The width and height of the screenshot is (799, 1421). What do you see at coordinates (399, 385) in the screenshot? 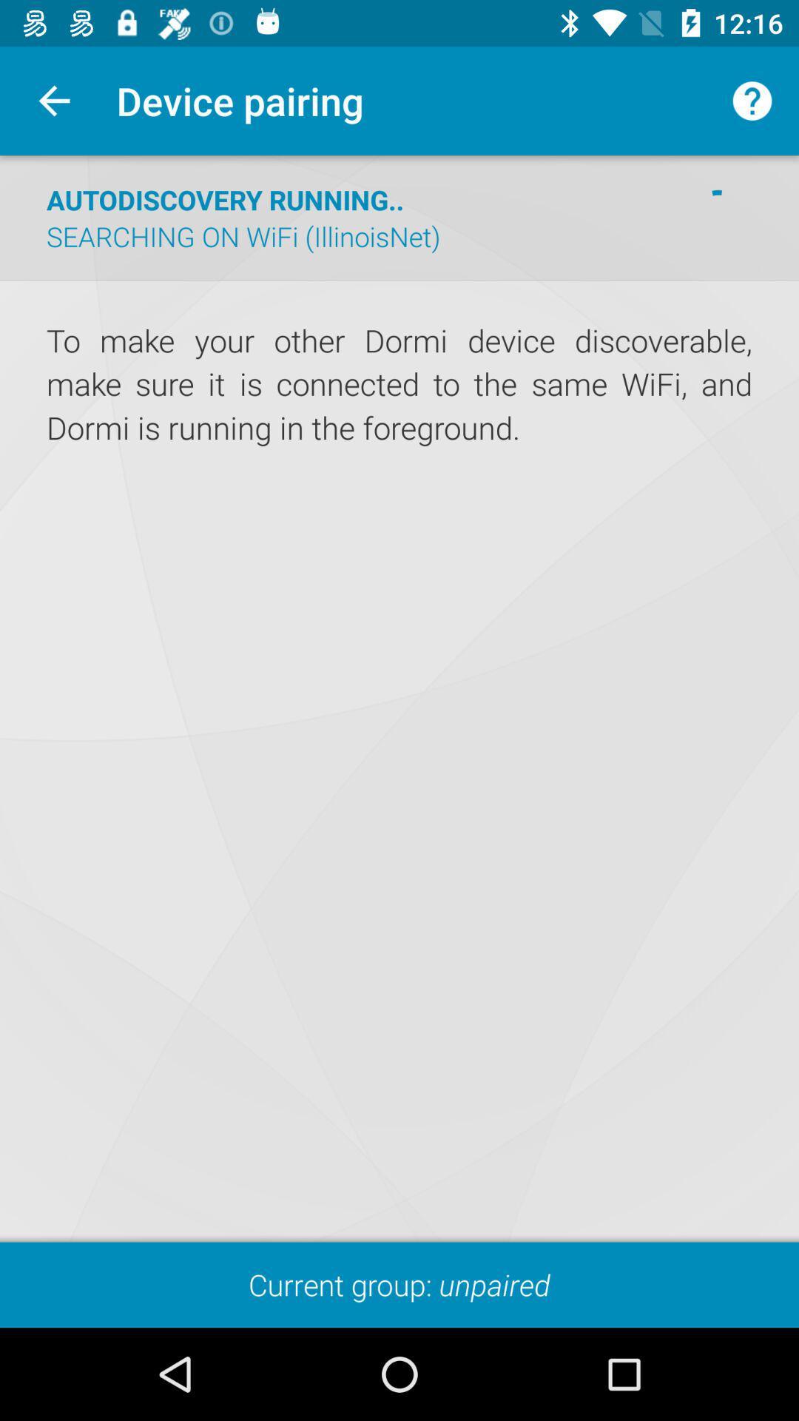
I see `icon above current group: unpaired` at bounding box center [399, 385].